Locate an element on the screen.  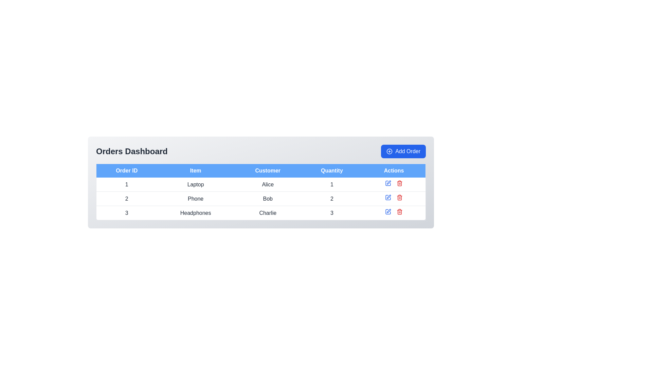
the 'Add Order' button, which contains the leftmost icon serving as a visual indicator for adding a new order is located at coordinates (390, 151).